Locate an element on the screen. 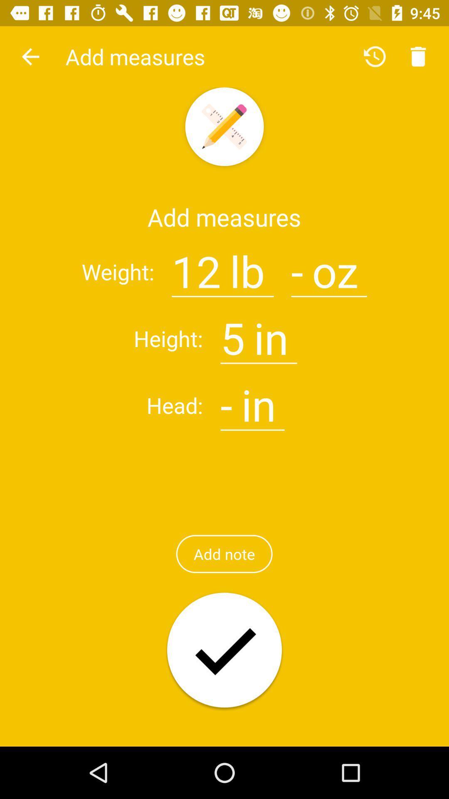 Image resolution: width=449 pixels, height=799 pixels. the icon next to : item is located at coordinates (232, 333).